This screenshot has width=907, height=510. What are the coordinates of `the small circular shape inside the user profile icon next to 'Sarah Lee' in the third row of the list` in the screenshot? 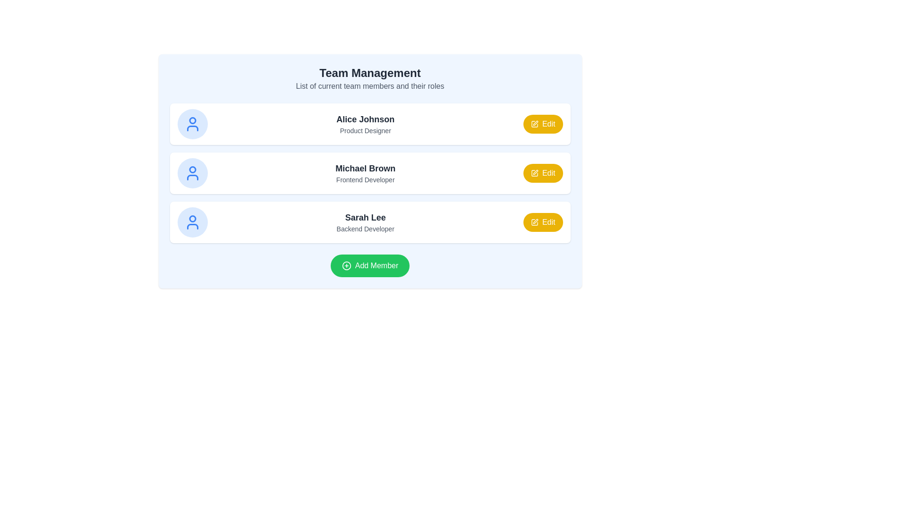 It's located at (192, 219).